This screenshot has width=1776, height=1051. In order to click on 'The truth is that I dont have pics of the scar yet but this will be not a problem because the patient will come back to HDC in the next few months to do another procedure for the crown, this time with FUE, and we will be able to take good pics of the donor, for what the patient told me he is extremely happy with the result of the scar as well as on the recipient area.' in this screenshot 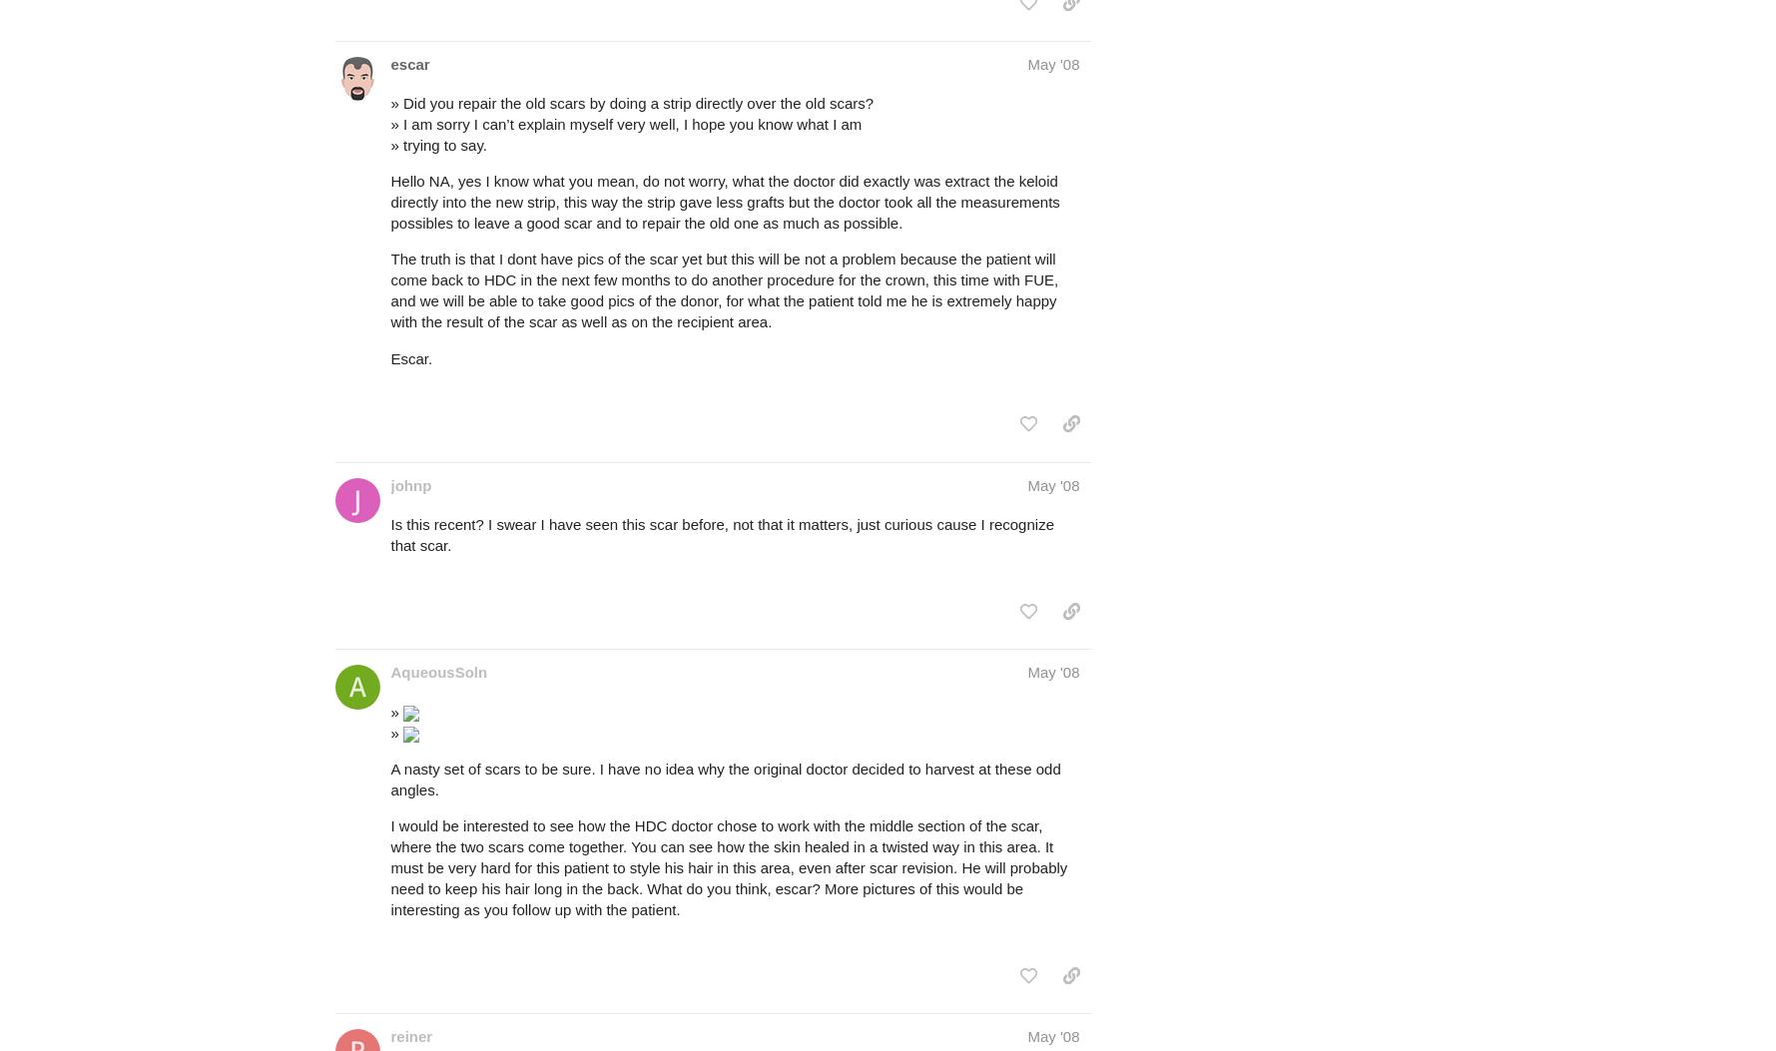, I will do `click(389, 290)`.